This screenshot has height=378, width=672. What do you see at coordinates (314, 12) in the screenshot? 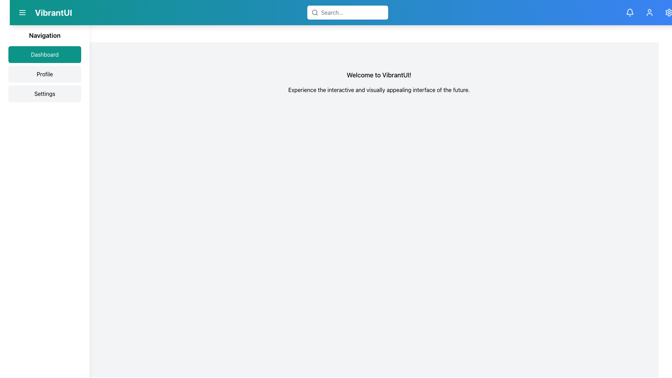
I see `the search functionality by clicking on the circular outline element of the magnifying glass icon located next to the search input field in the top header` at bounding box center [314, 12].